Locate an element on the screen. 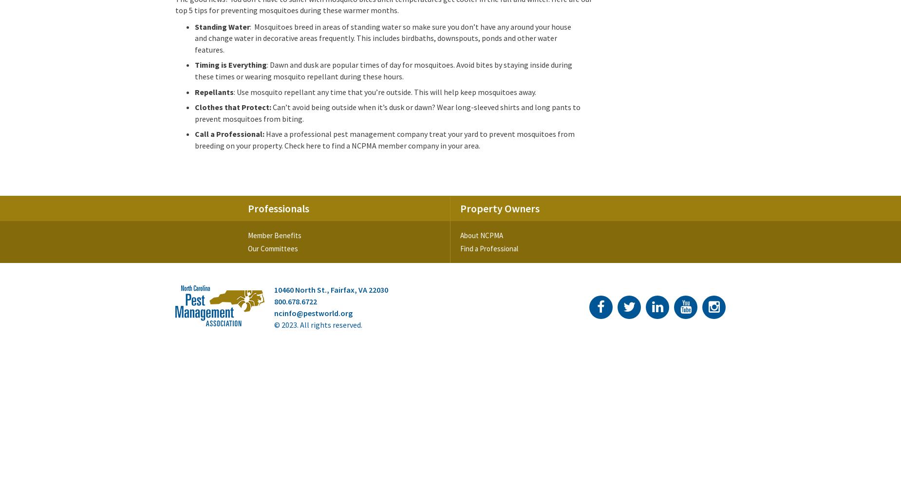  'Professionals' is located at coordinates (279, 208).